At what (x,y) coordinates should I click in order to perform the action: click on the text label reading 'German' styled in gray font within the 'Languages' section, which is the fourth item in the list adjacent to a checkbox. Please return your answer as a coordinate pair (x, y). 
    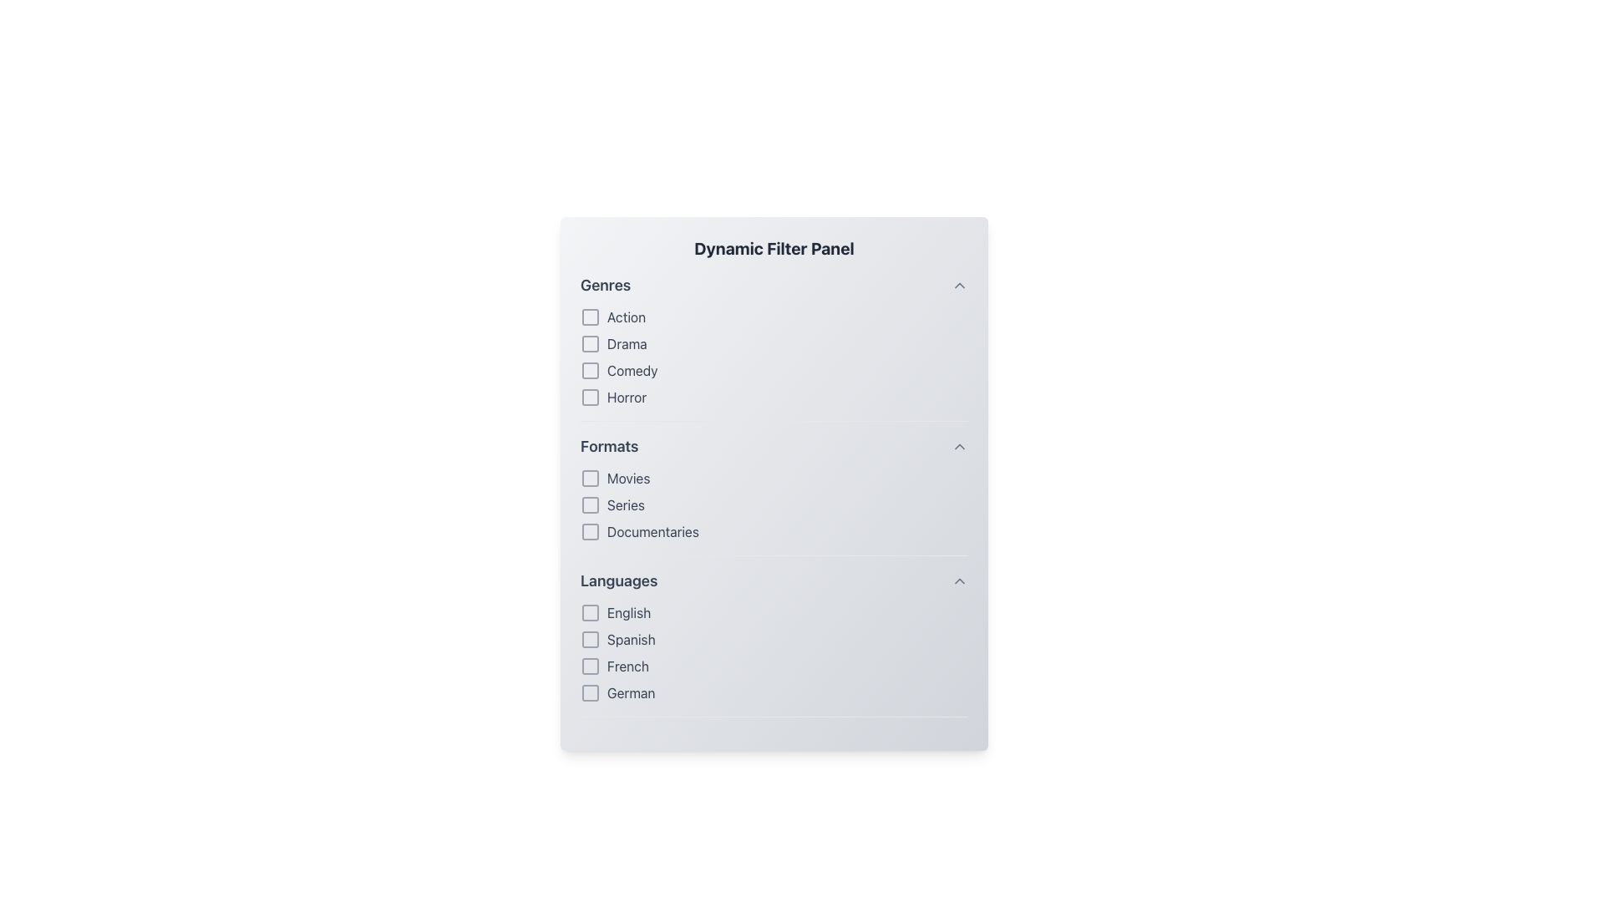
    Looking at the image, I should click on (630, 692).